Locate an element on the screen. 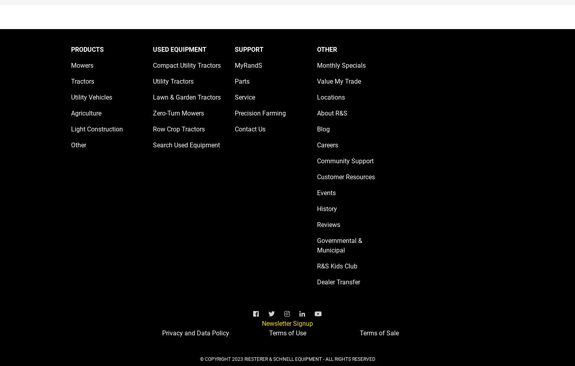 This screenshot has height=366, width=575. '© COPYRIGHT 2023 RIESTERER & SCHNELL EQUIPMENT - ALL RIGHTS RESERVED' is located at coordinates (287, 358).